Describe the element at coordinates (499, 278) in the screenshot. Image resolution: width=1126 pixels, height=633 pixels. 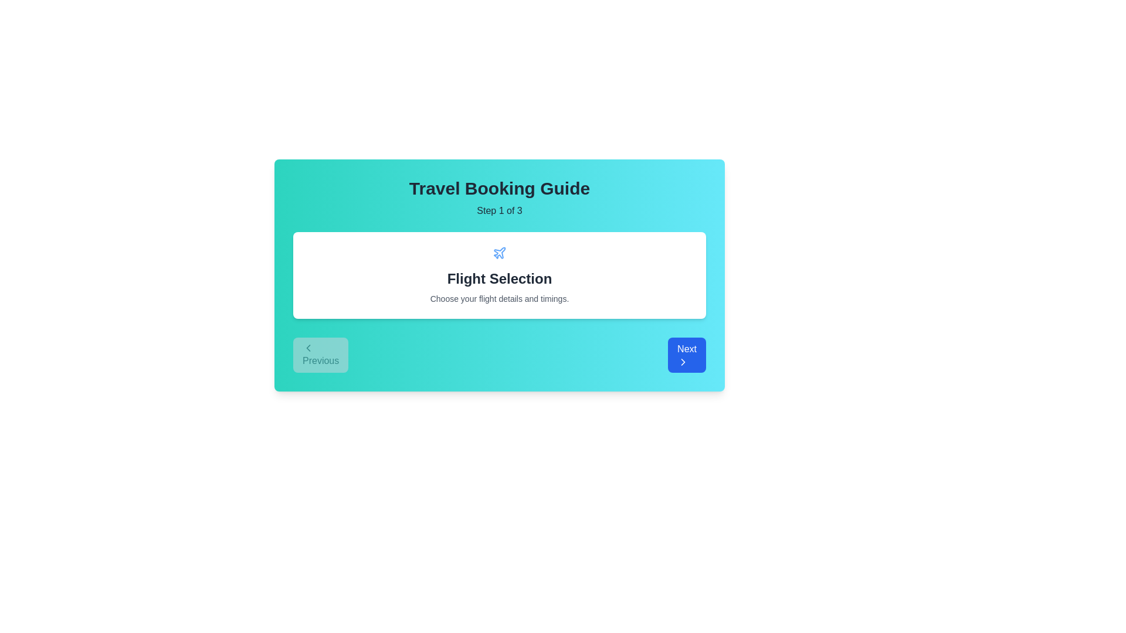
I see `the 'Flight Selection' text label, which is a bold and large font heading positioned below an airplane icon and above a smaller descriptive text` at that location.